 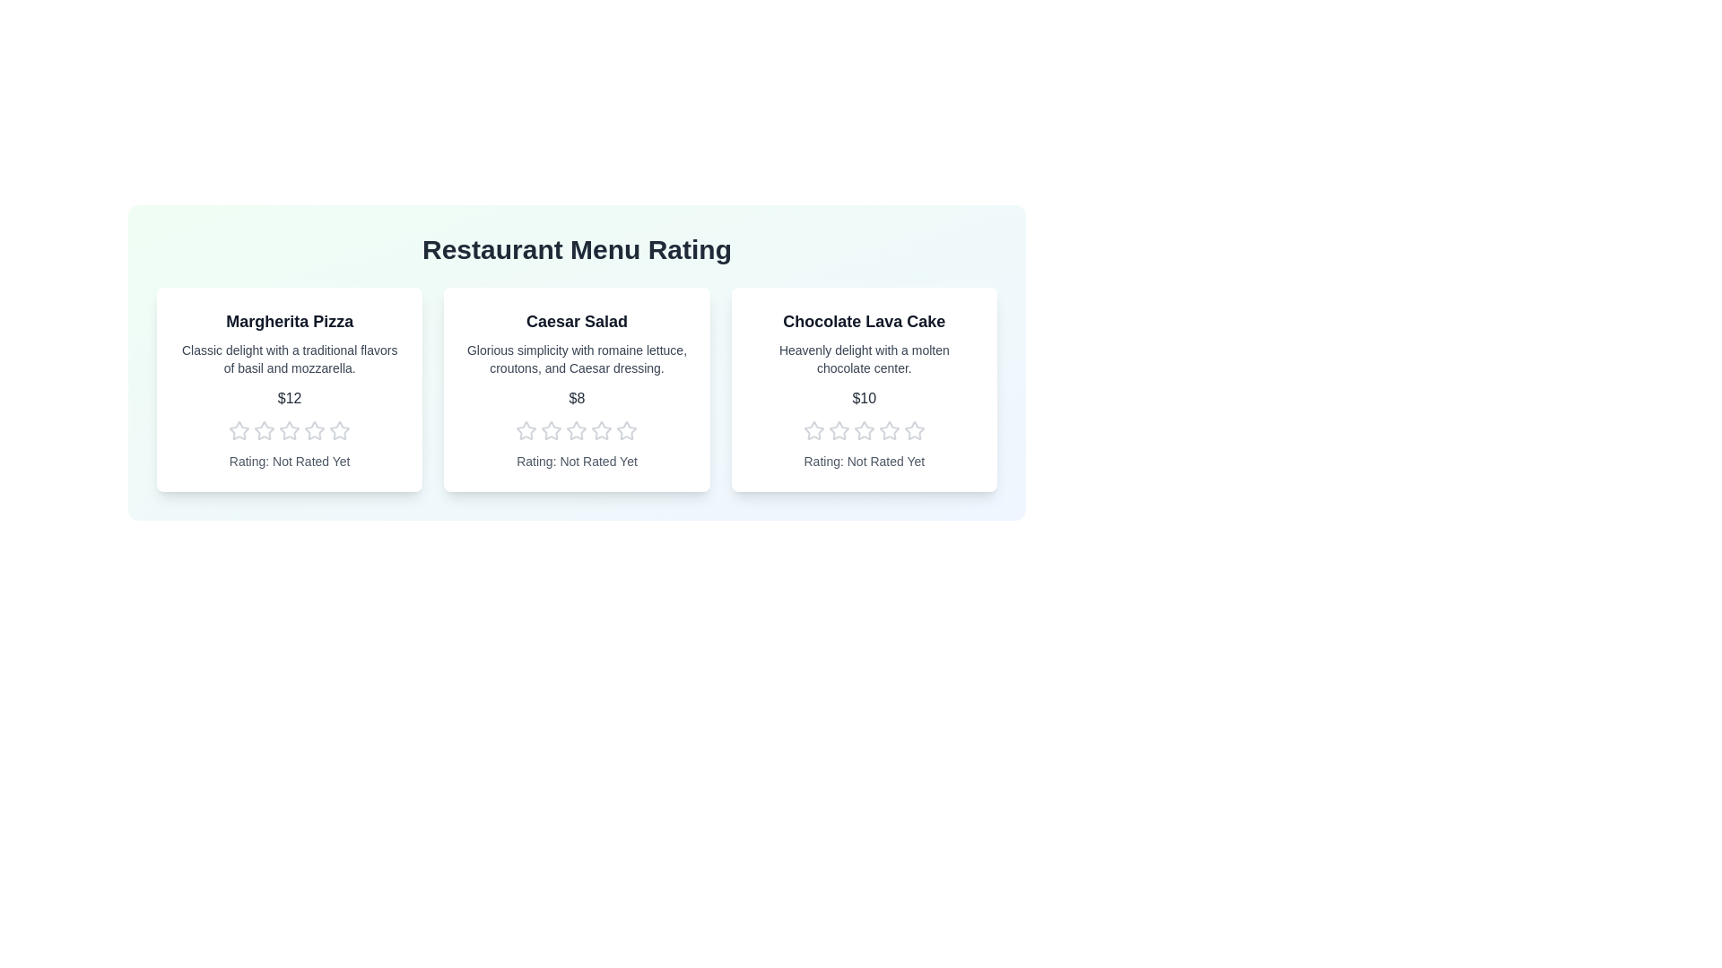 What do you see at coordinates (340, 431) in the screenshot?
I see `the 5 star to preview the rating` at bounding box center [340, 431].